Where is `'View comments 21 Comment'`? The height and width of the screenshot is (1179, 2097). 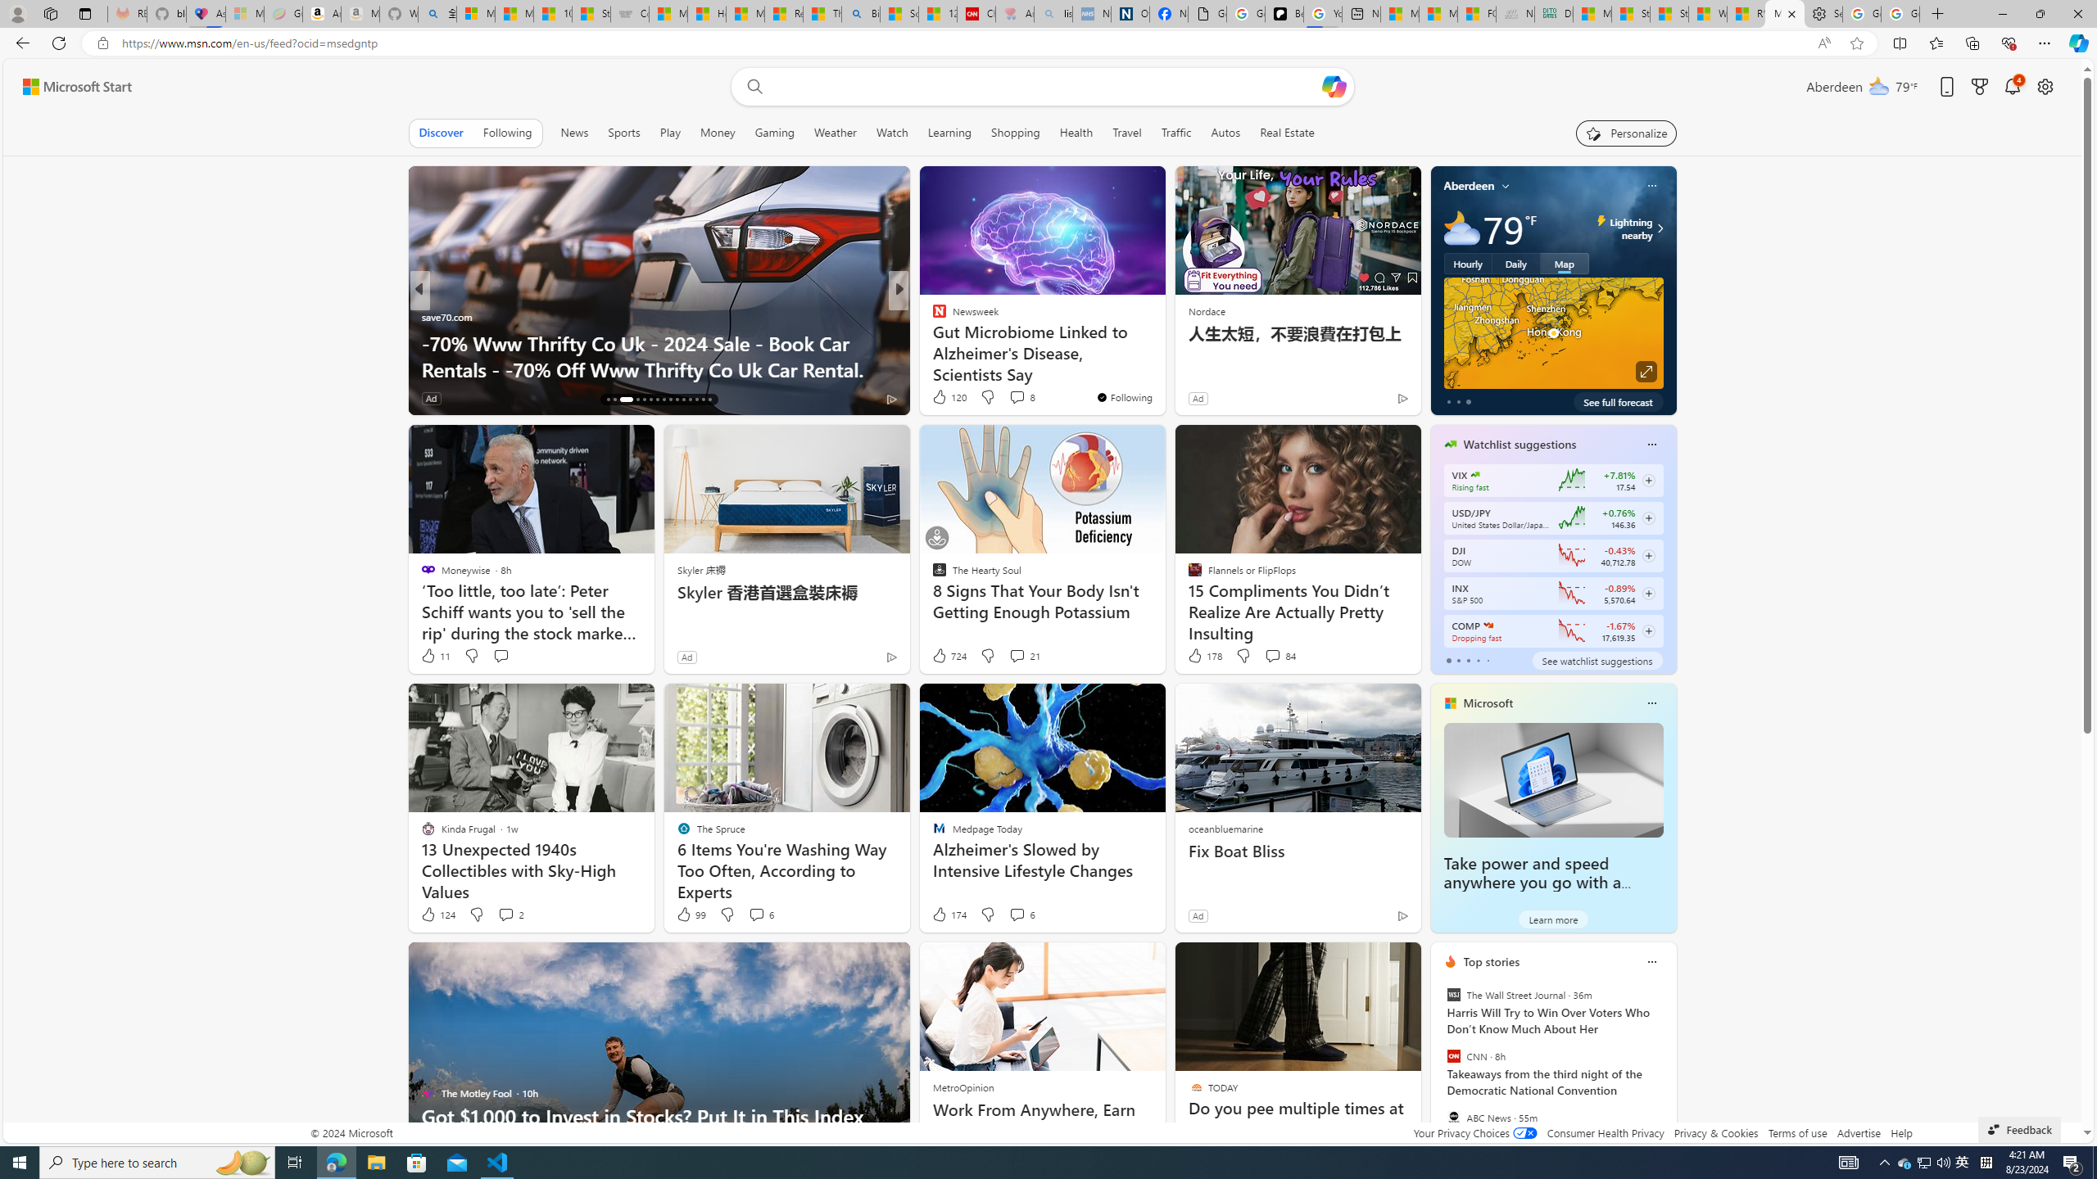 'View comments 21 Comment' is located at coordinates (1016, 655).